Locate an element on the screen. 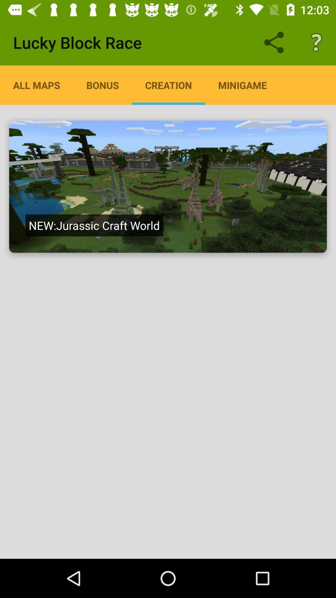  the creation icon is located at coordinates (168, 85).